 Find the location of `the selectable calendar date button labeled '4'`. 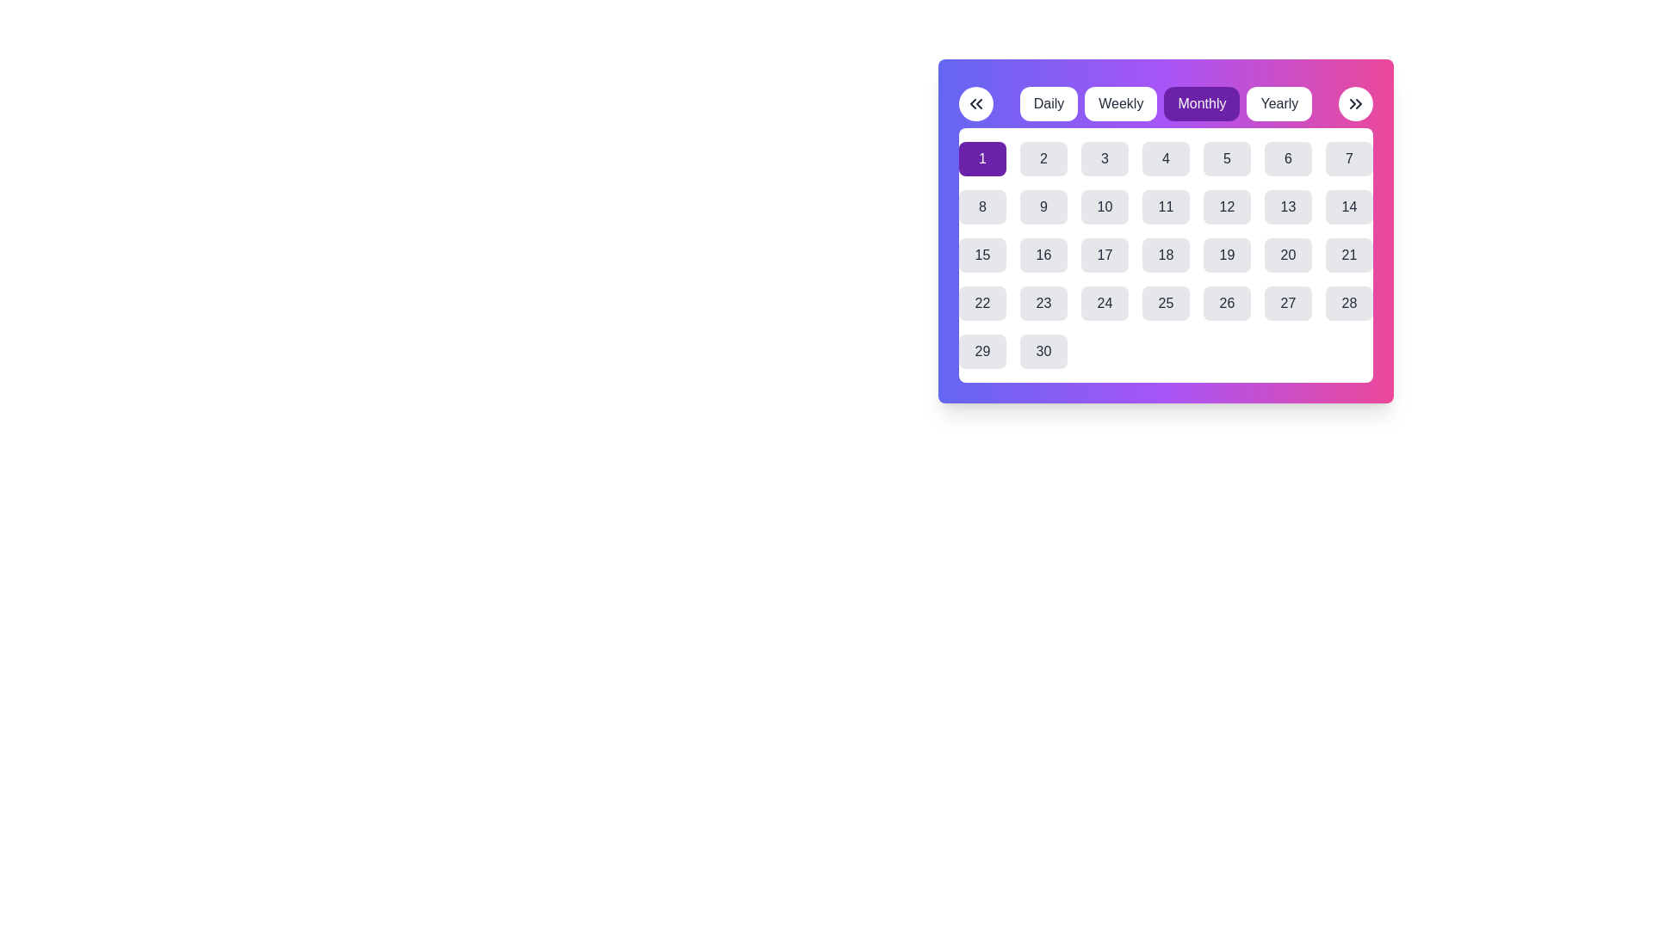

the selectable calendar date button labeled '4' is located at coordinates (1166, 159).